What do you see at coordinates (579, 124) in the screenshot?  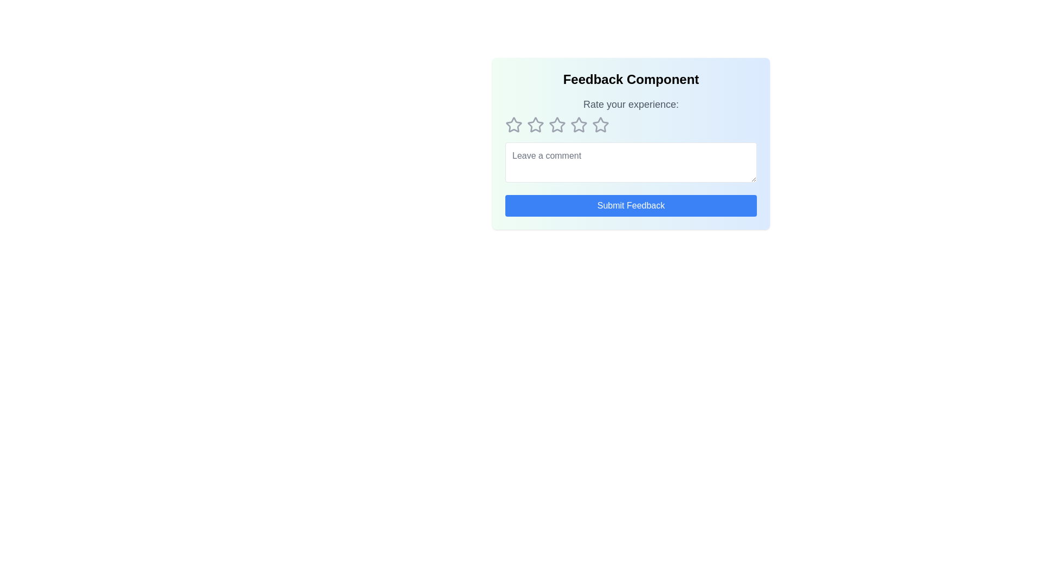 I see `the third star icon` at bounding box center [579, 124].